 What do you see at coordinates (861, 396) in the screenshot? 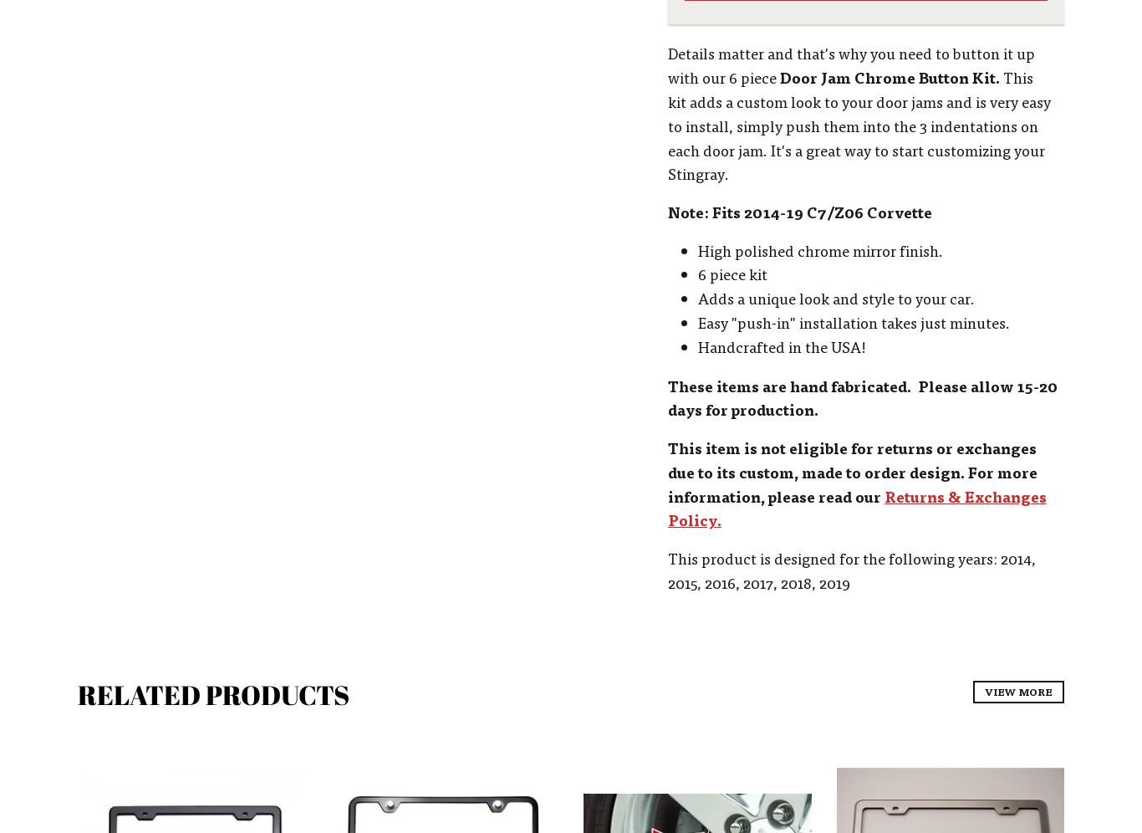
I see `'These items are hand fabricated.  Please allow 15-20 days for production.'` at bounding box center [861, 396].